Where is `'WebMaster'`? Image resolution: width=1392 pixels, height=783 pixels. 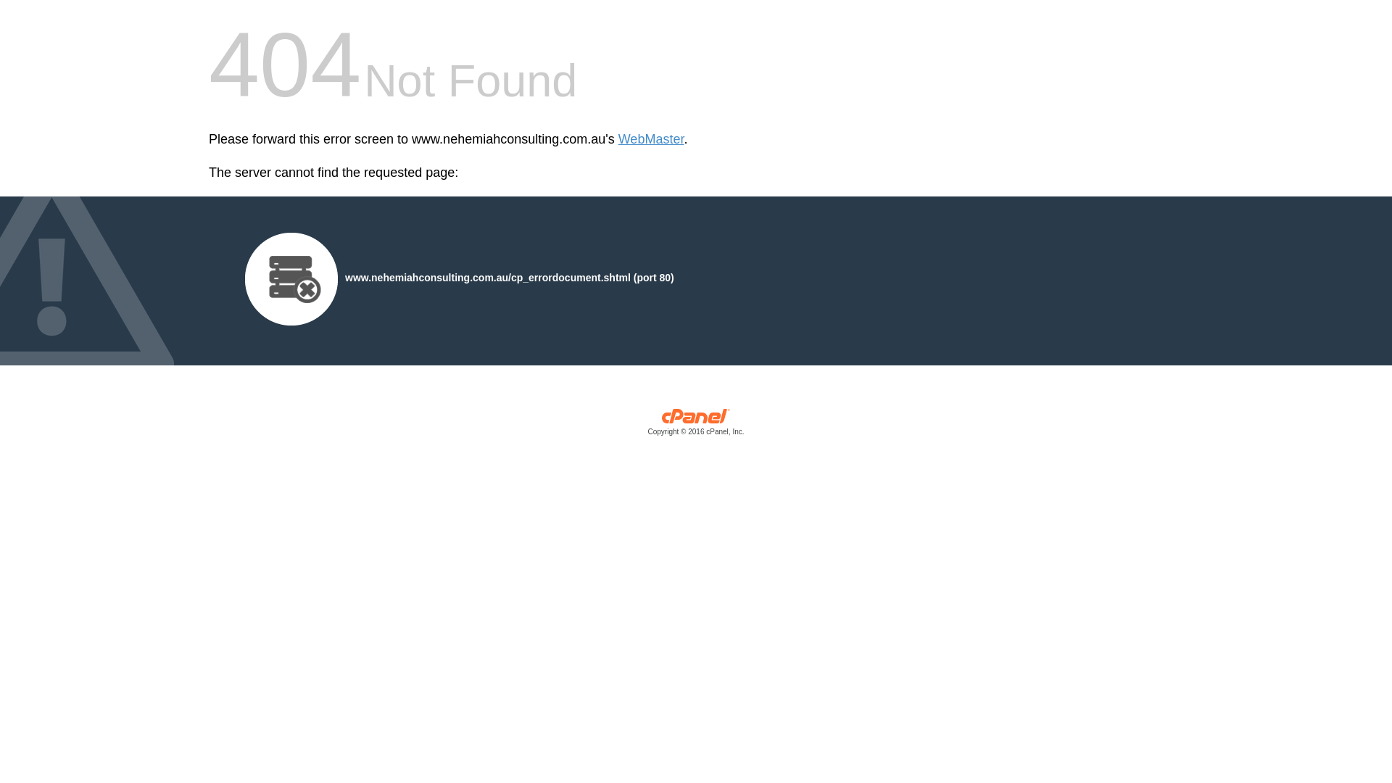 'WebMaster' is located at coordinates (650, 139).